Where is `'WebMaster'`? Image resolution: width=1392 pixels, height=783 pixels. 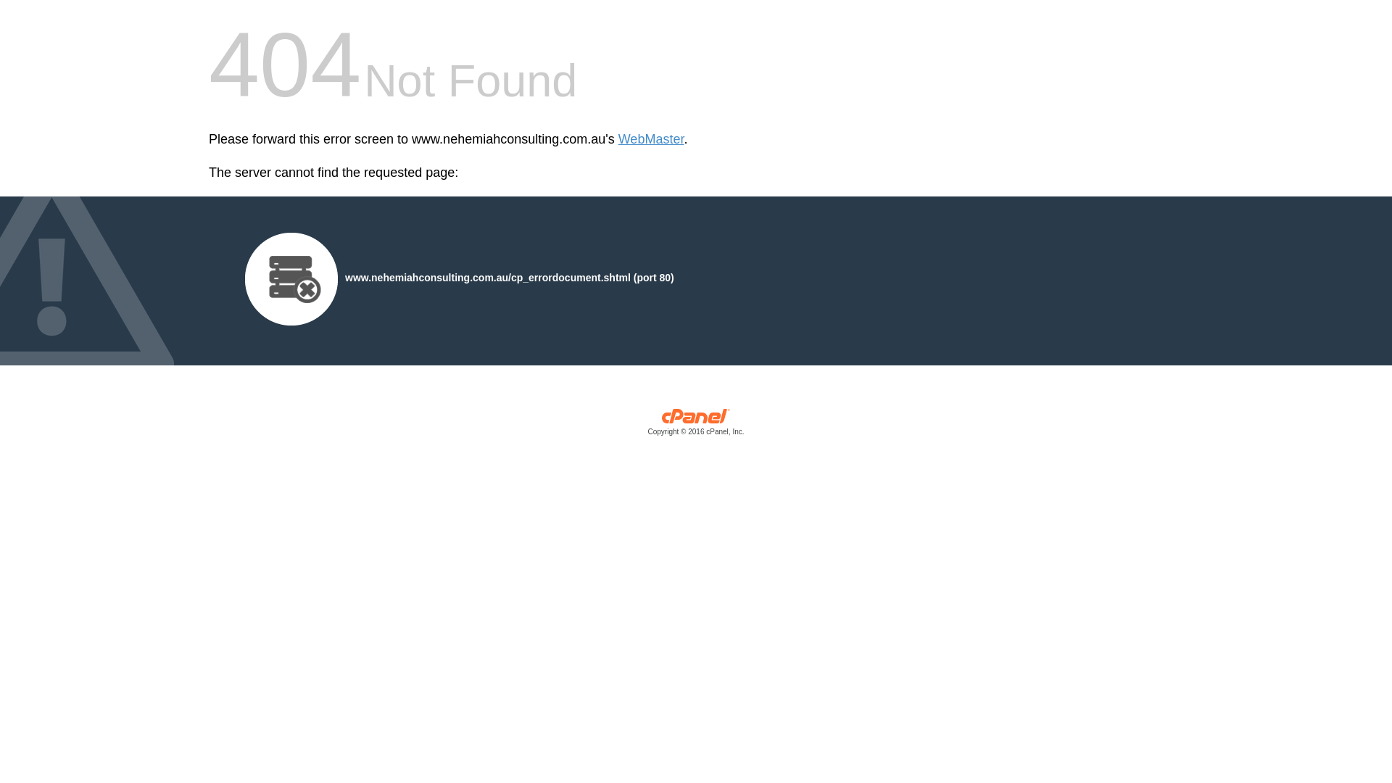 'WebMaster' is located at coordinates (650, 139).